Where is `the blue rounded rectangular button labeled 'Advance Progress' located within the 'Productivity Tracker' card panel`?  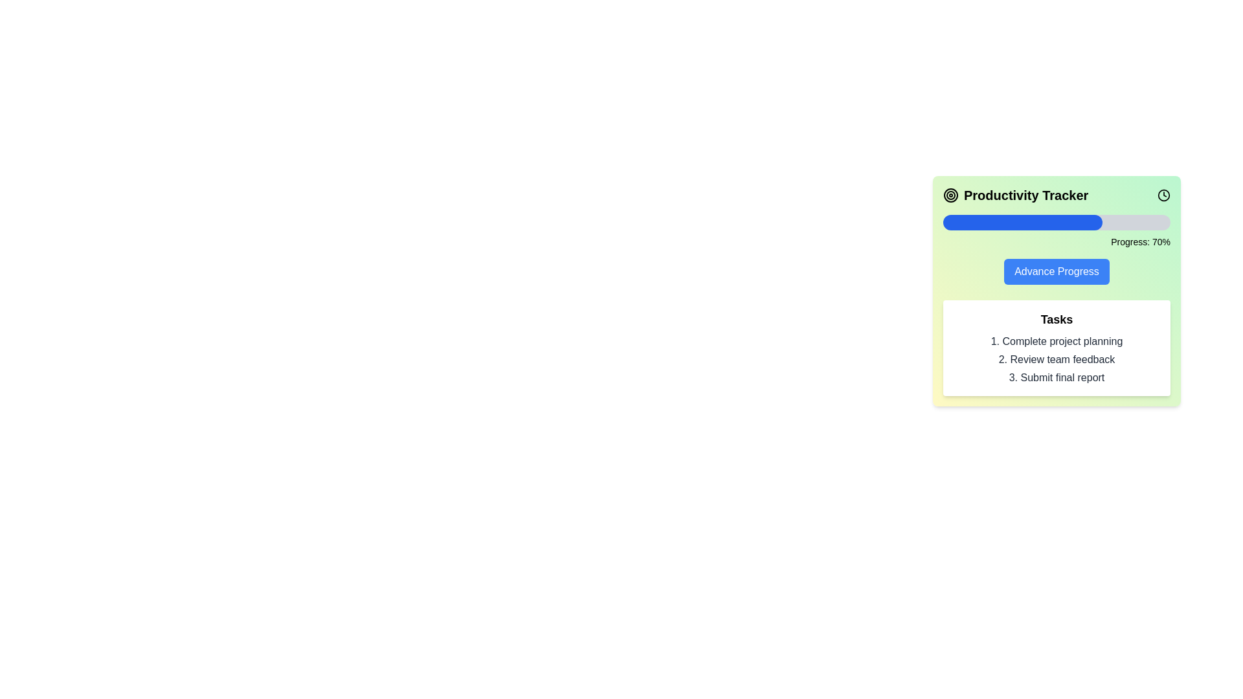 the blue rounded rectangular button labeled 'Advance Progress' located within the 'Productivity Tracker' card panel is located at coordinates (1057, 271).